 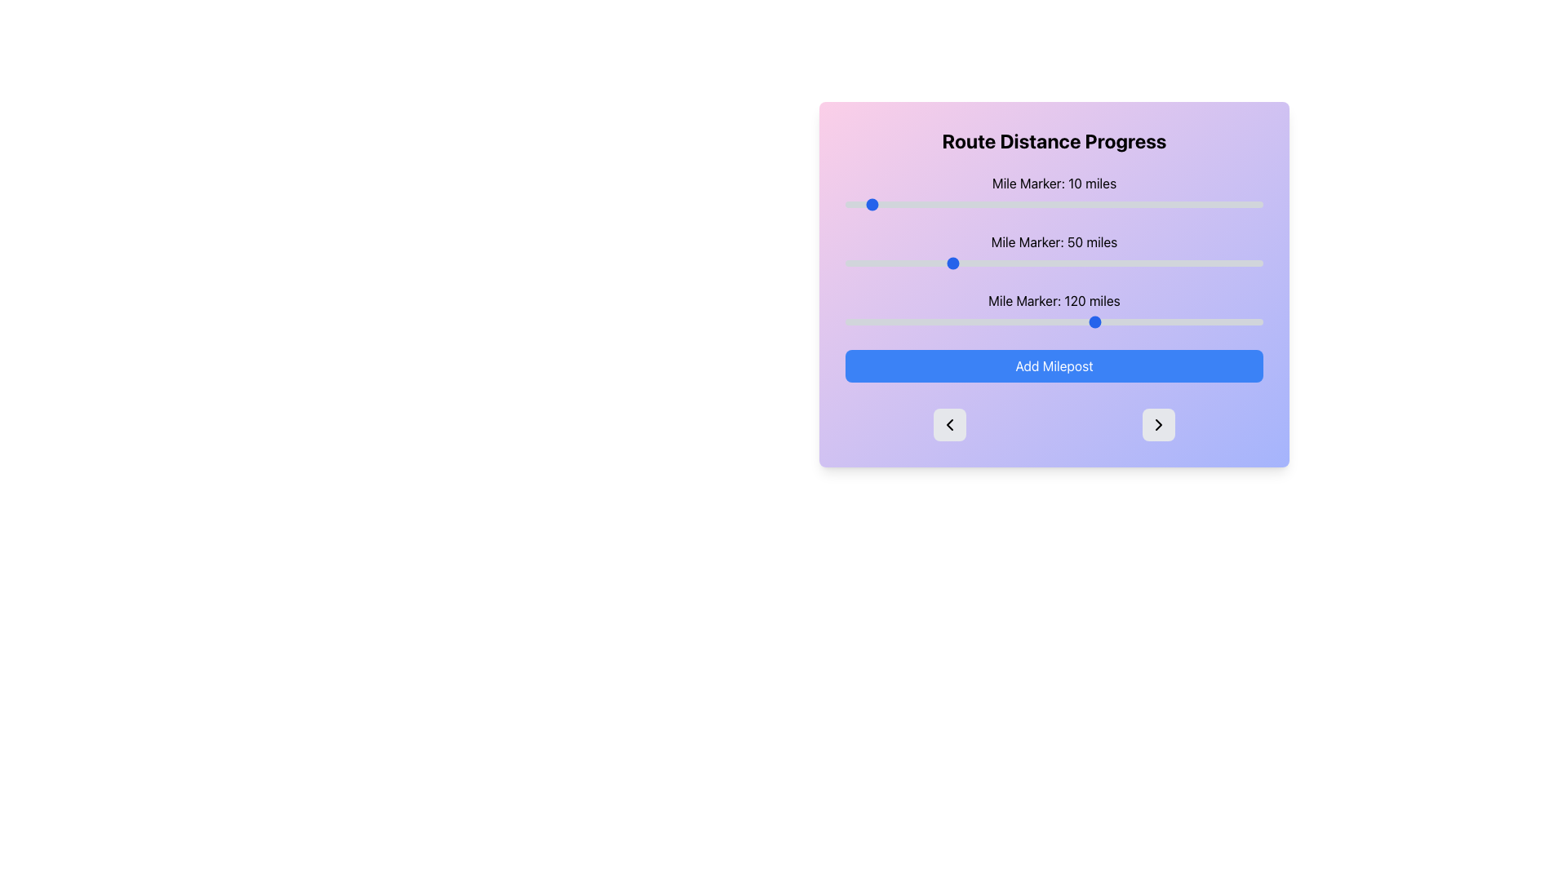 What do you see at coordinates (1054, 263) in the screenshot?
I see `the horizontal slider control with a gray background and blue accent indicator, which is associated with the label 'Mile Marker: 50 miles'` at bounding box center [1054, 263].